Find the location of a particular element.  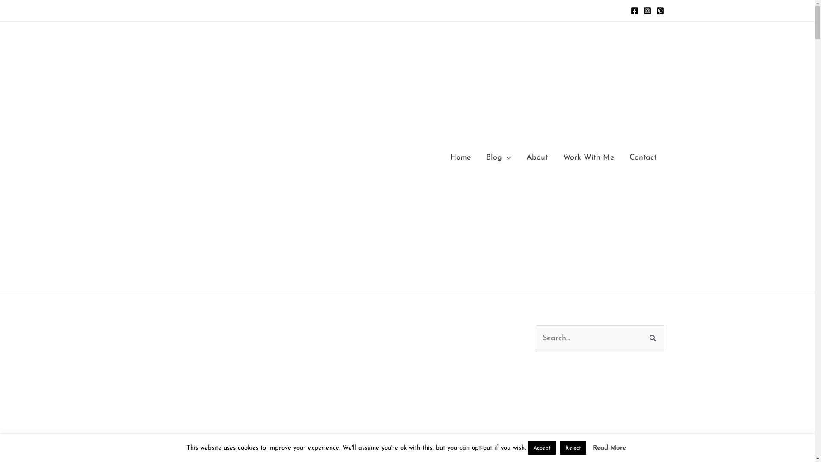

'Work With Me' is located at coordinates (555, 158).